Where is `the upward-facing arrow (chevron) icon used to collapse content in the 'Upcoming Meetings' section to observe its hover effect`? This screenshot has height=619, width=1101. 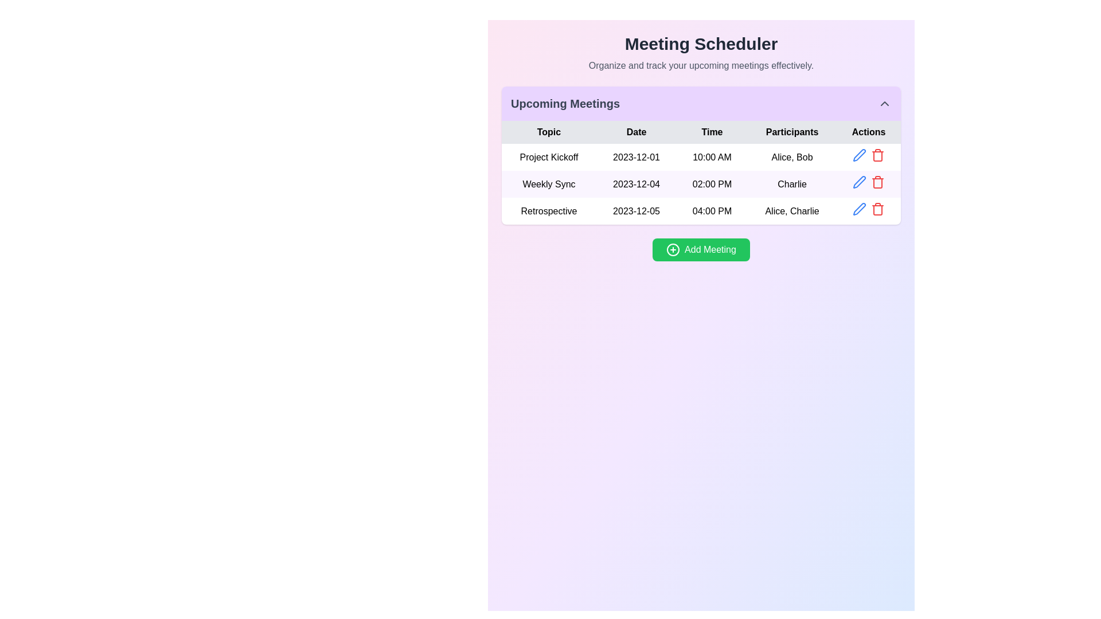 the upward-facing arrow (chevron) icon used to collapse content in the 'Upcoming Meetings' section to observe its hover effect is located at coordinates (884, 104).